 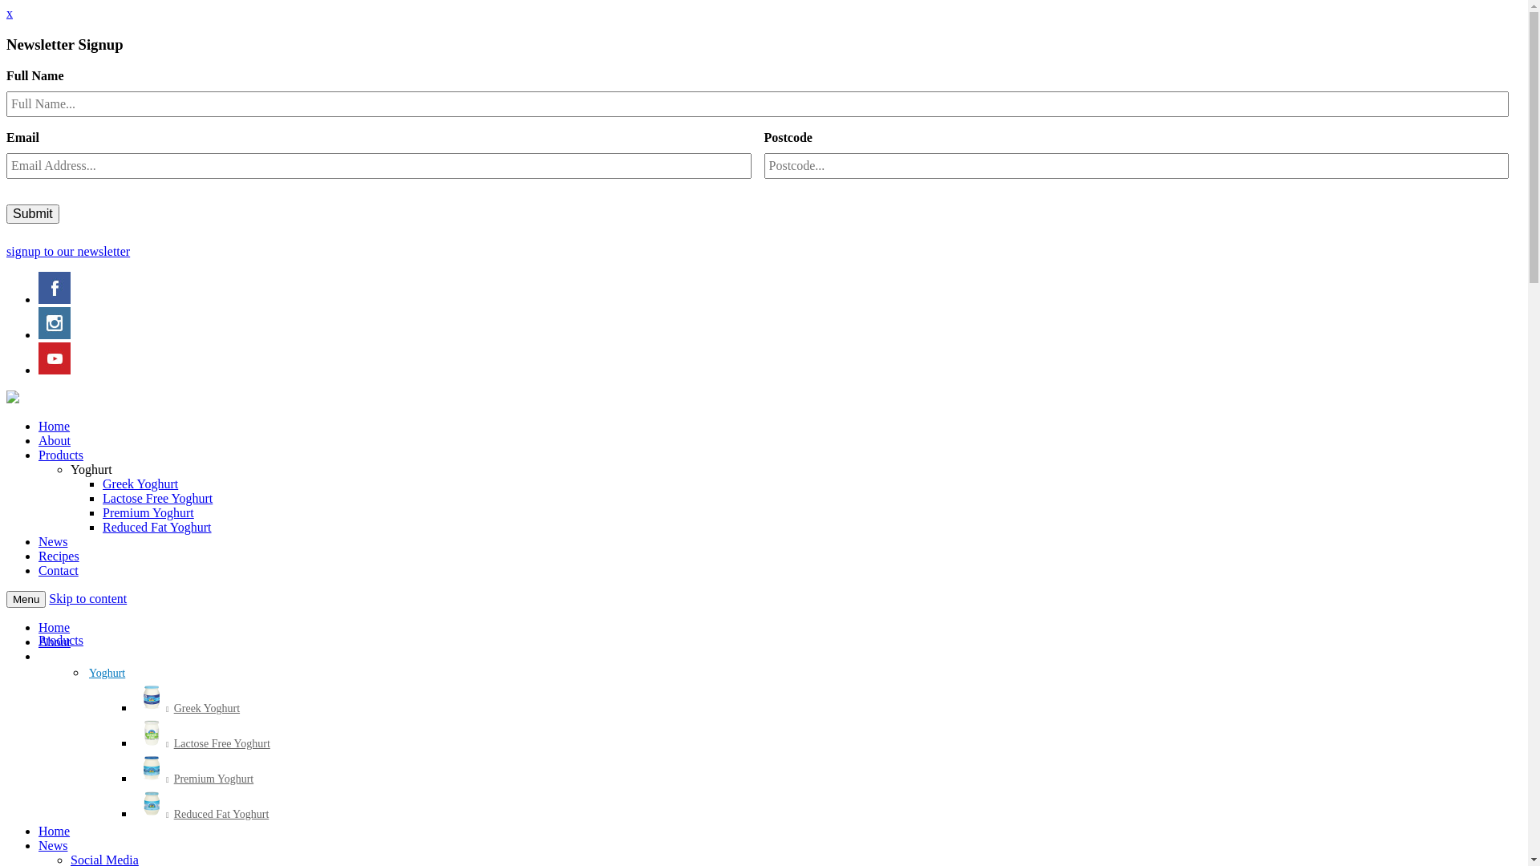 I want to click on 'Skip to content', so click(x=87, y=598).